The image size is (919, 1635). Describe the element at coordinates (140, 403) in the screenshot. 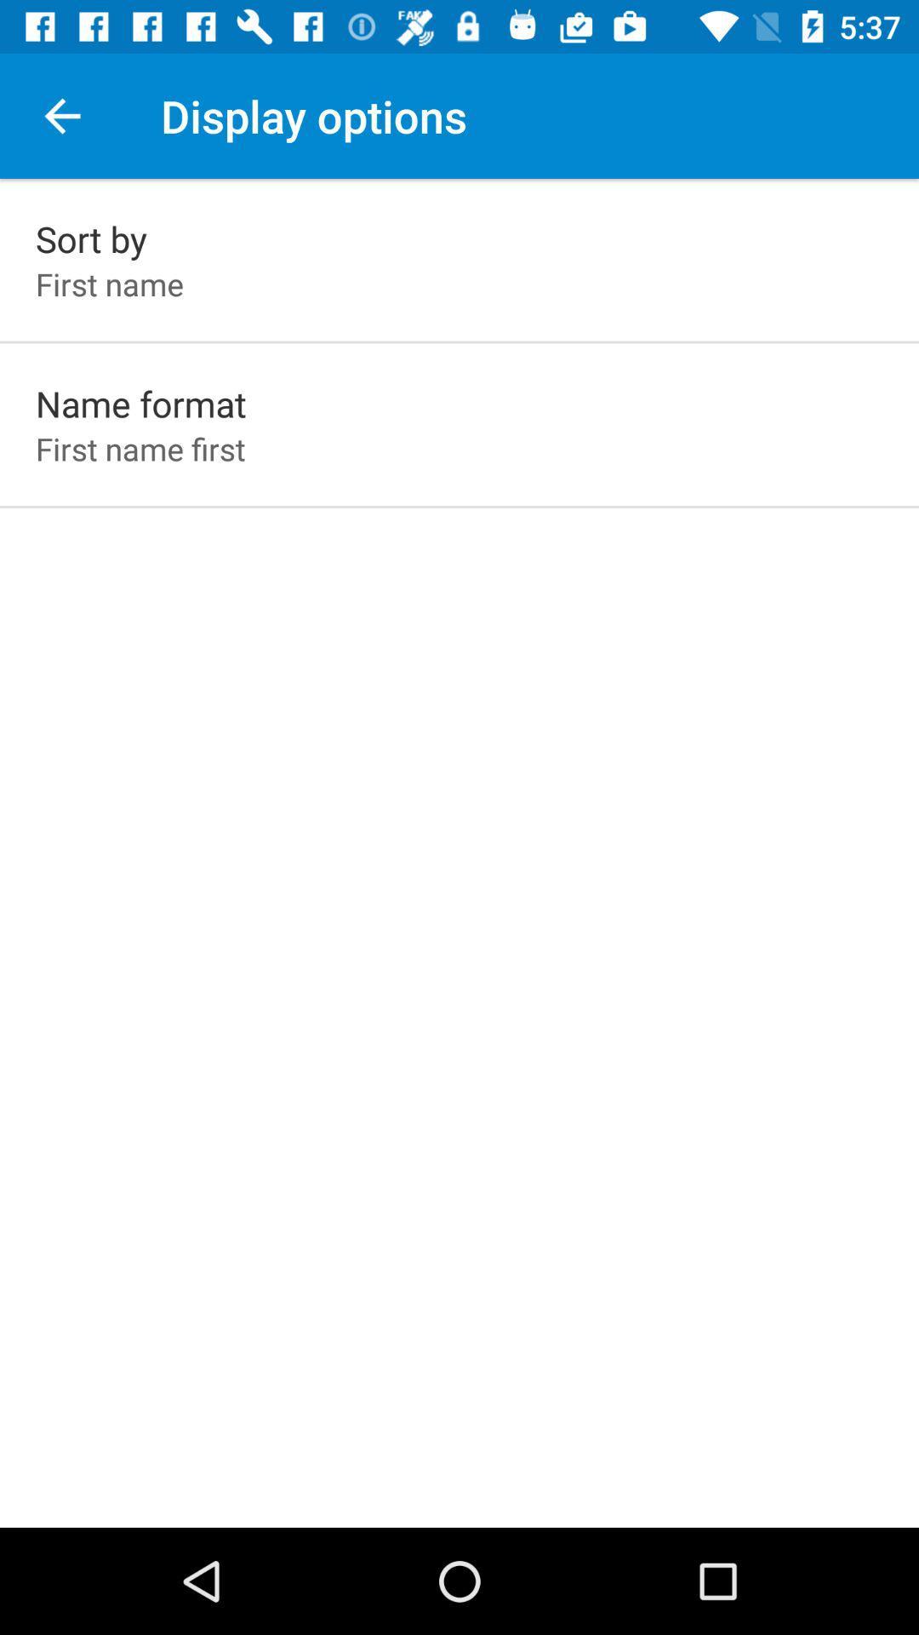

I see `app below the first name app` at that location.